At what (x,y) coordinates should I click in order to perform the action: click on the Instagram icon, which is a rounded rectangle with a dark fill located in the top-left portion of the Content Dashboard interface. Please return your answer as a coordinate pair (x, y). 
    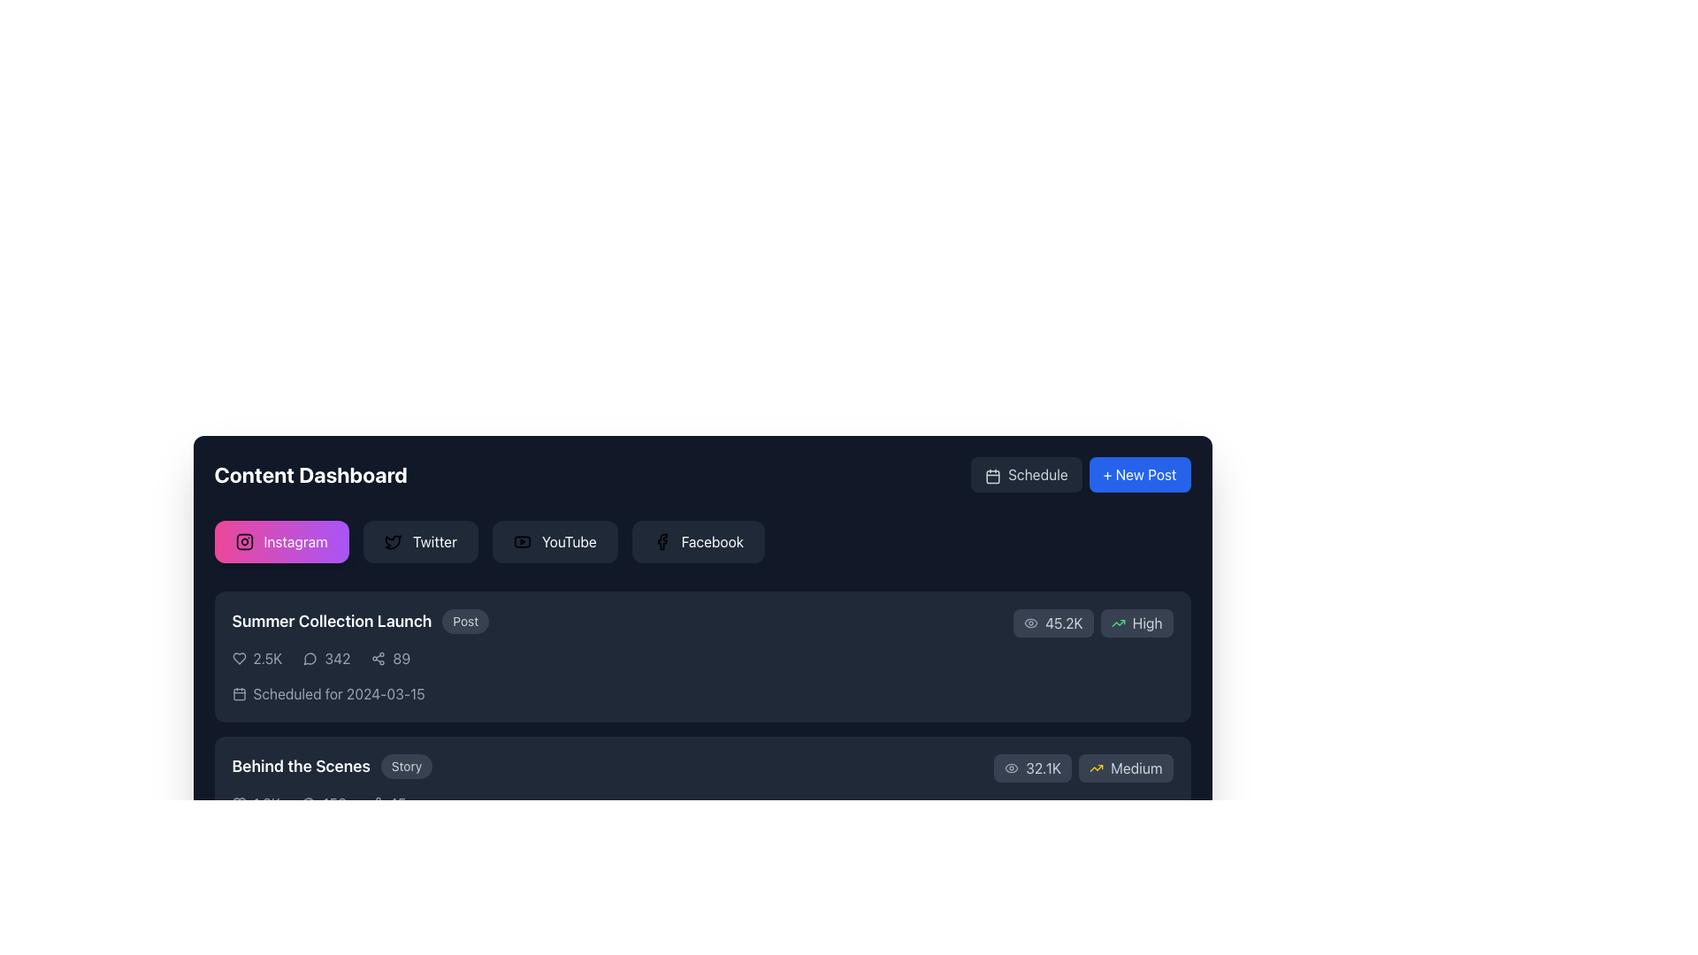
    Looking at the image, I should click on (243, 541).